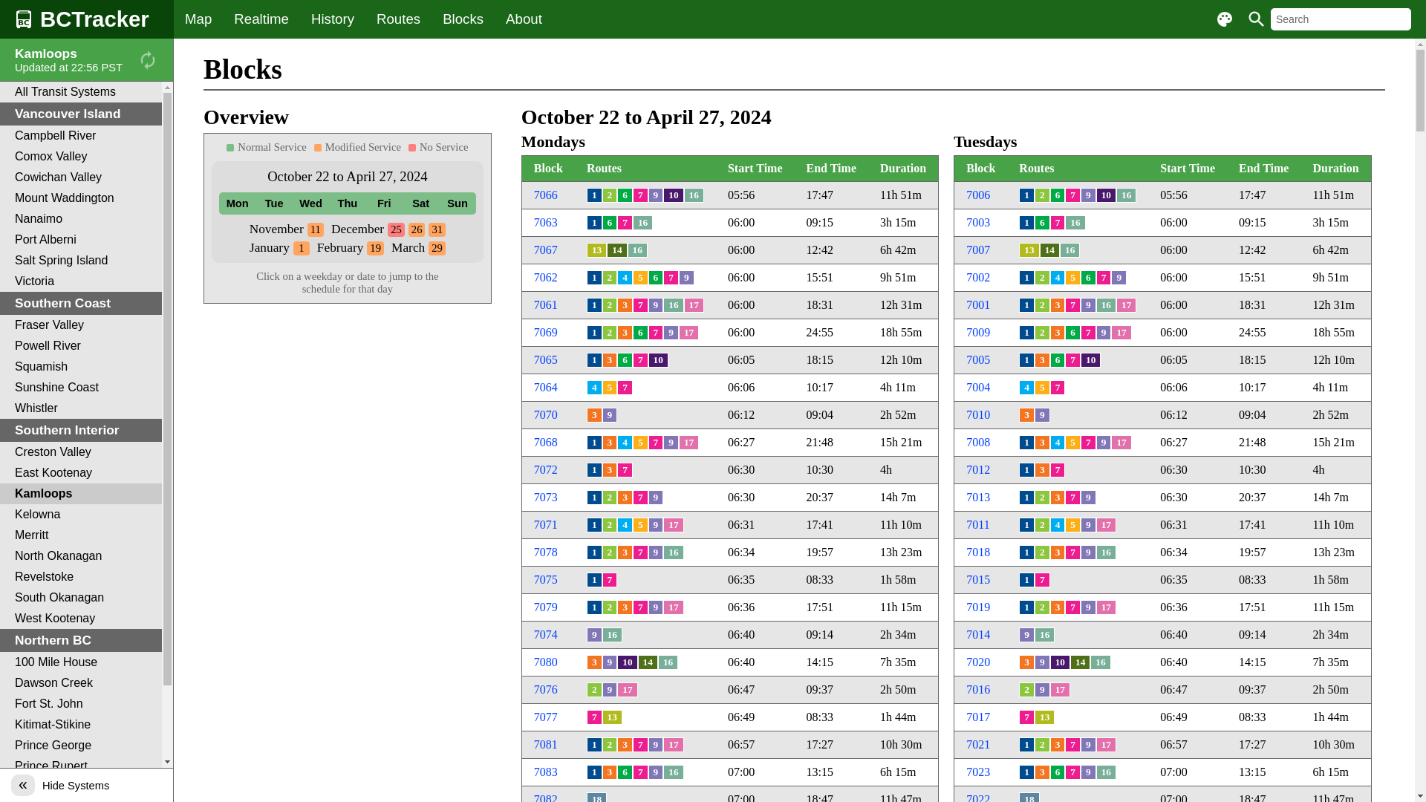 This screenshot has height=802, width=1426. I want to click on '2', so click(1026, 690).